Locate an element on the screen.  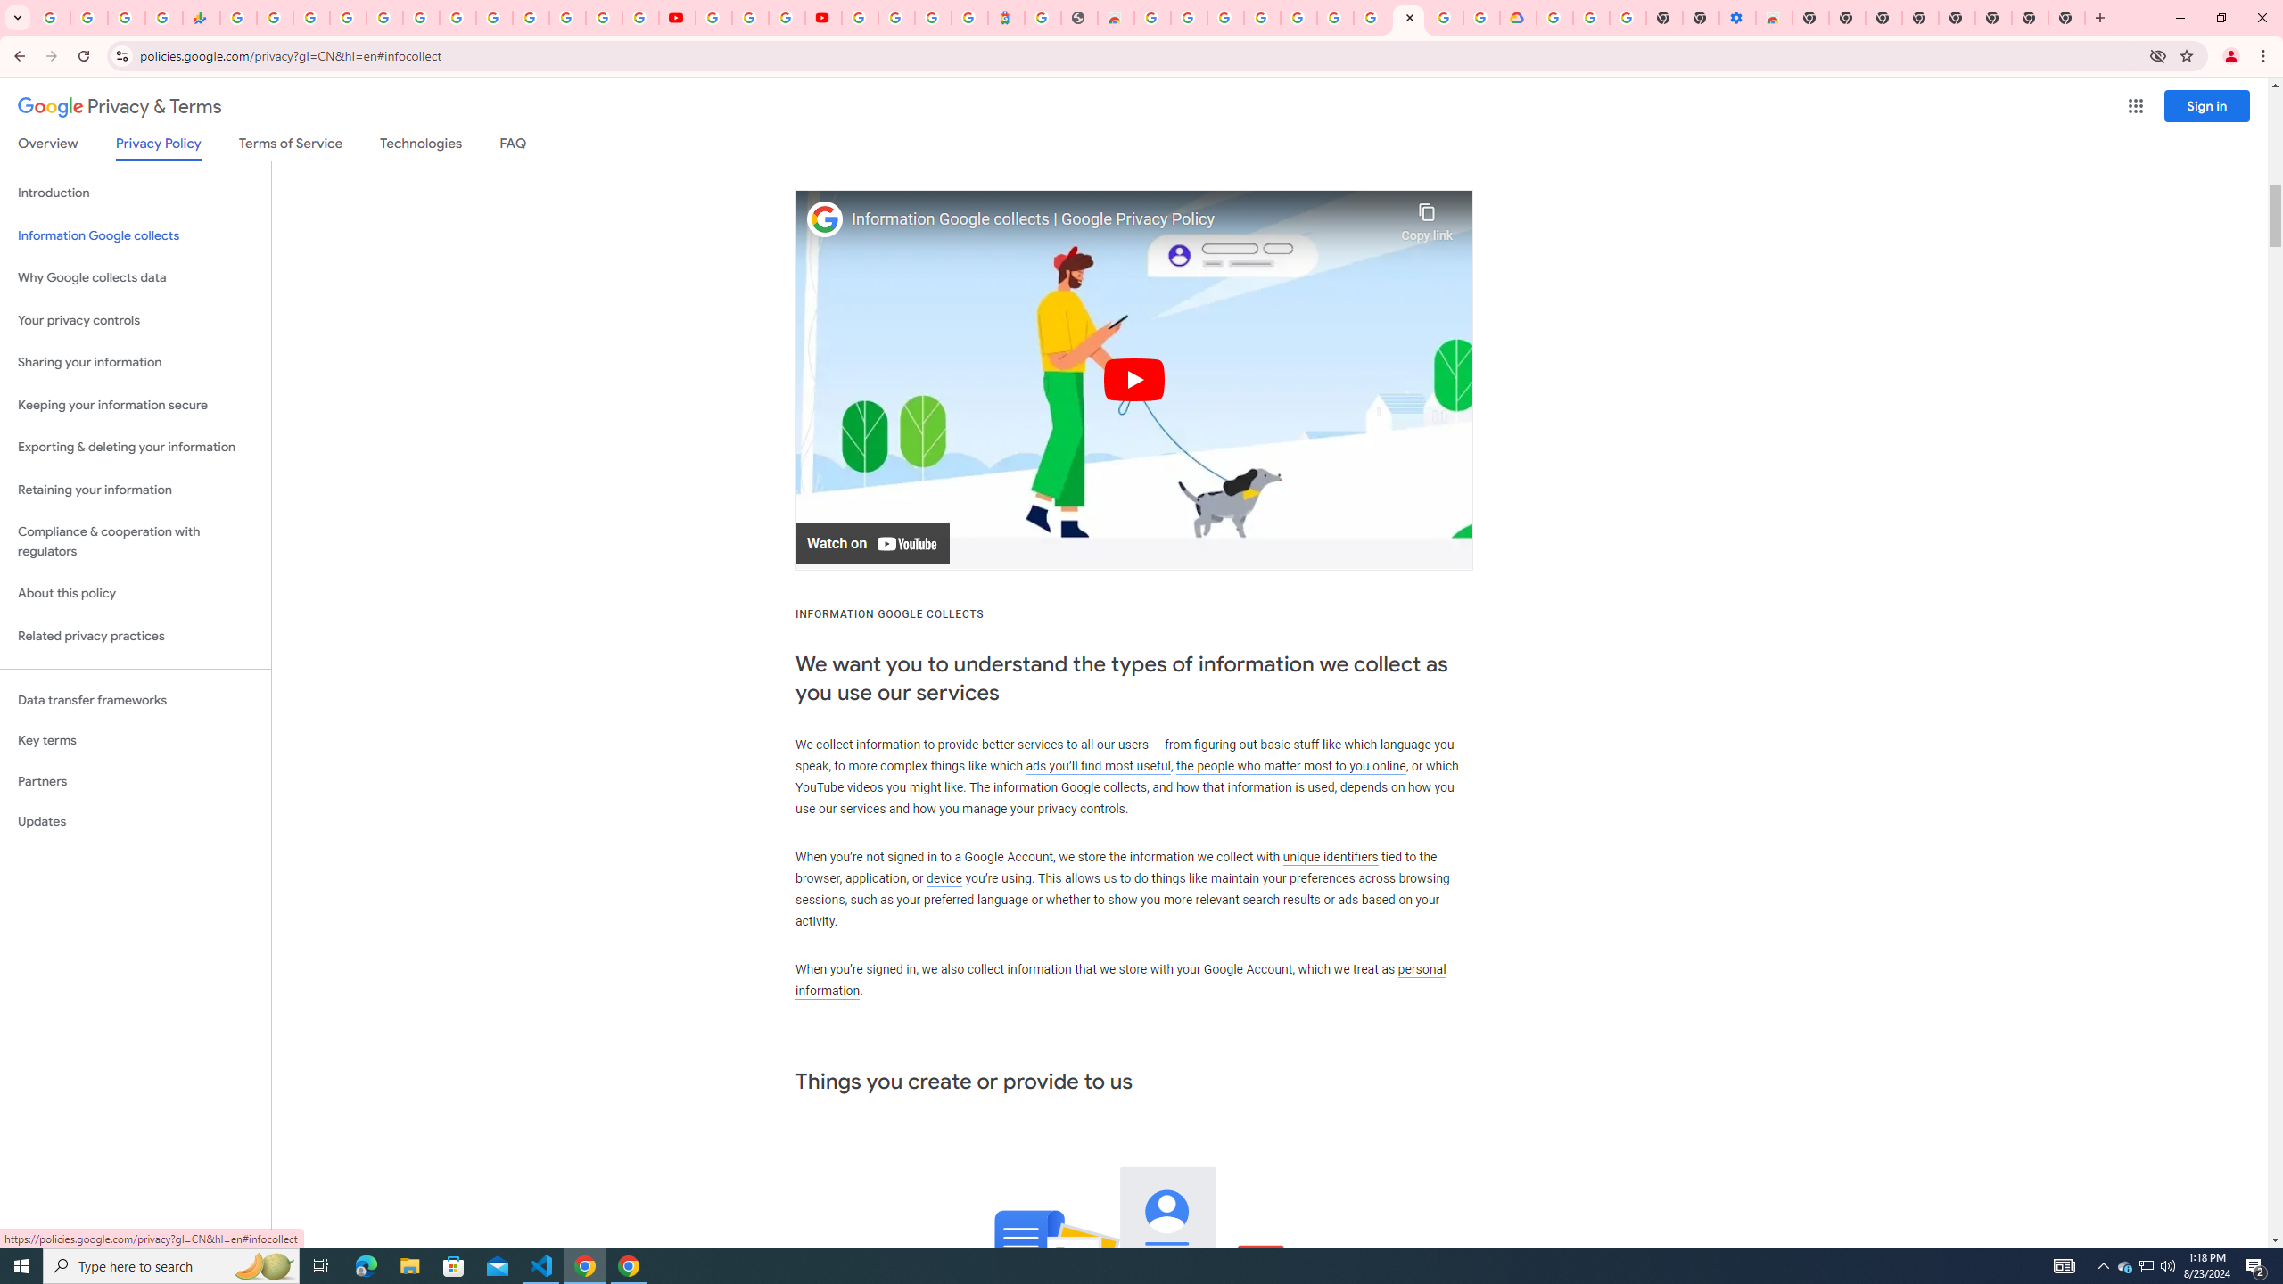
'Sign in - Google Accounts' is located at coordinates (348, 17).